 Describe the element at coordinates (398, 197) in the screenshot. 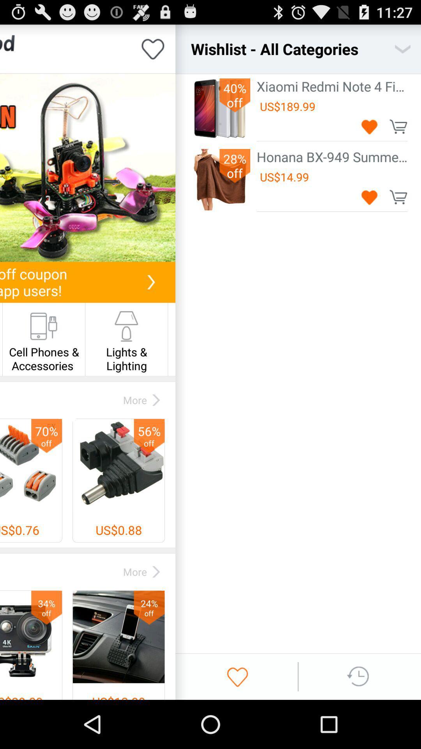

I see `to cart` at that location.